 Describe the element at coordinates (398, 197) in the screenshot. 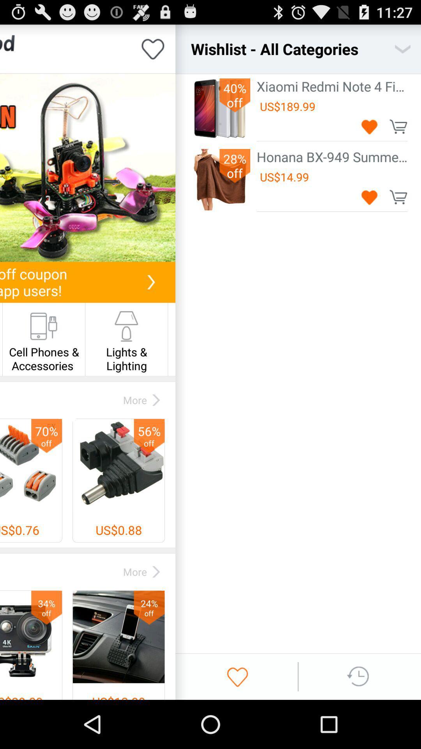

I see `to cart` at that location.